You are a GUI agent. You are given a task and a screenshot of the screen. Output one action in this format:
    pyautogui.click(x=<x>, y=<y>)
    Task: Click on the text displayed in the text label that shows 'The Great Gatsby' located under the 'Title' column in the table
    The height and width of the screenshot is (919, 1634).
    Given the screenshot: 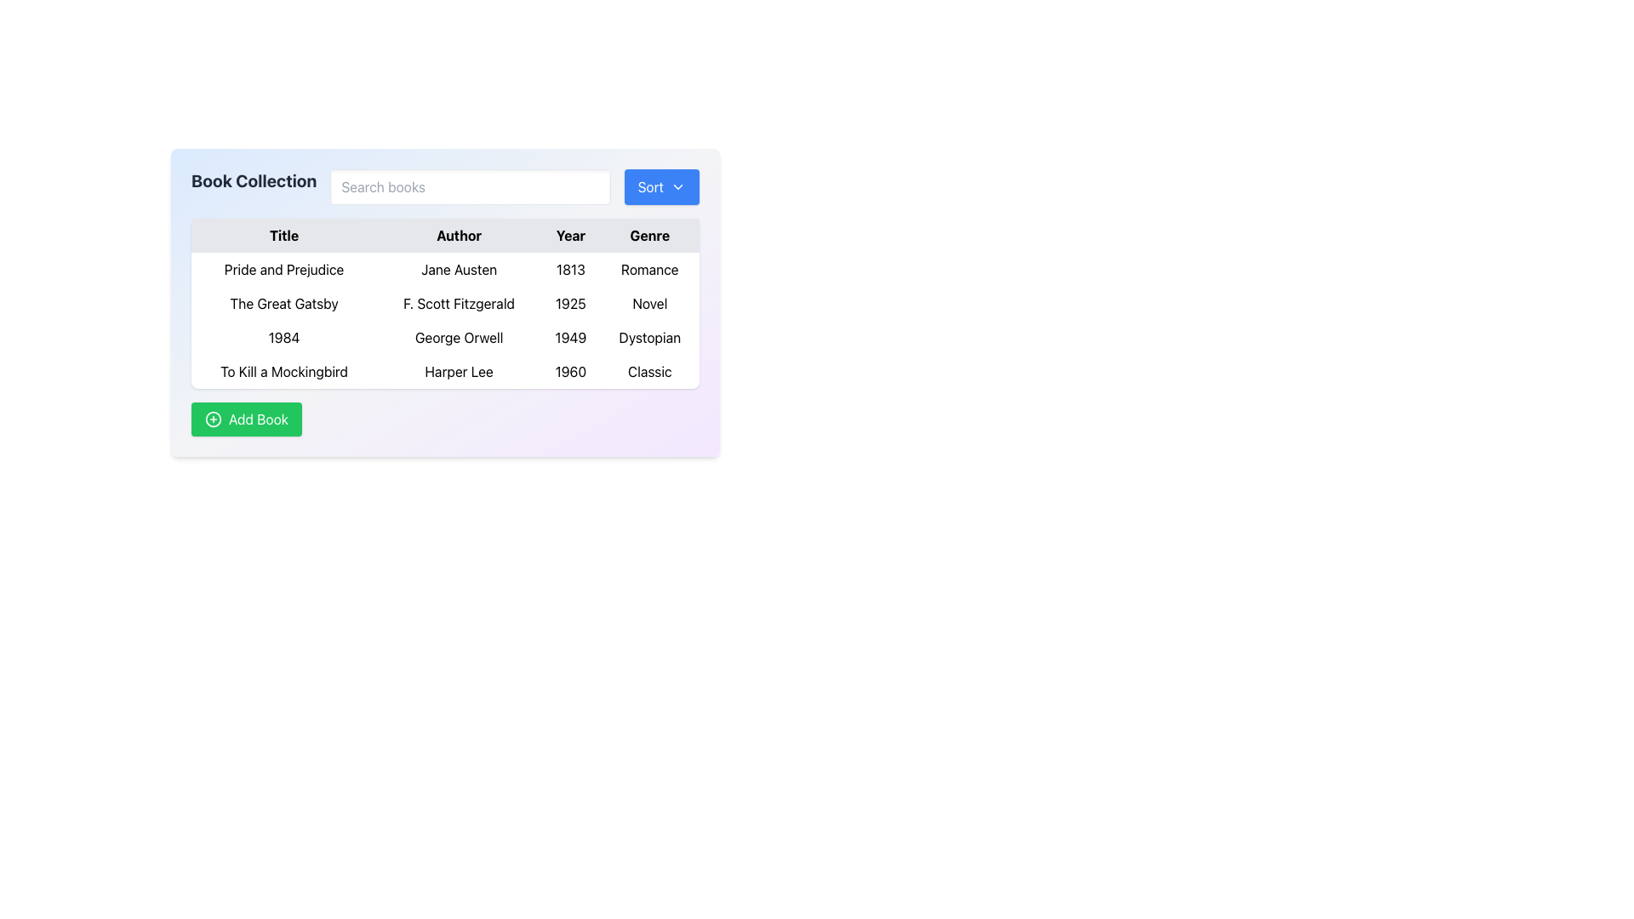 What is the action you would take?
    pyautogui.click(x=284, y=303)
    